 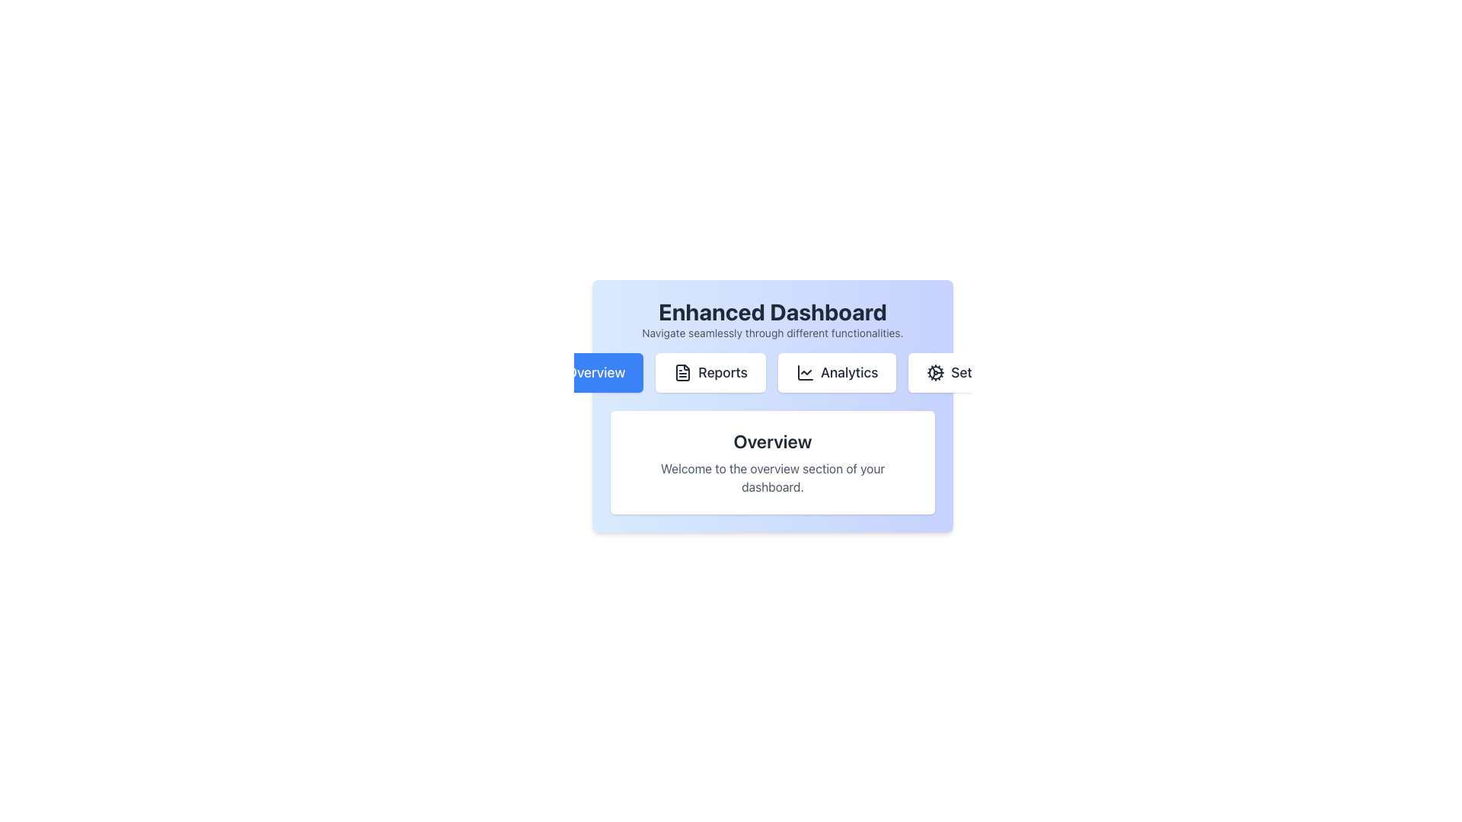 I want to click on the file icon in the navigation bar, which is part of the 'Reports' button, located next to the 'Overview' button and before the 'Analytics' button, for interface feedback, so click(x=682, y=372).